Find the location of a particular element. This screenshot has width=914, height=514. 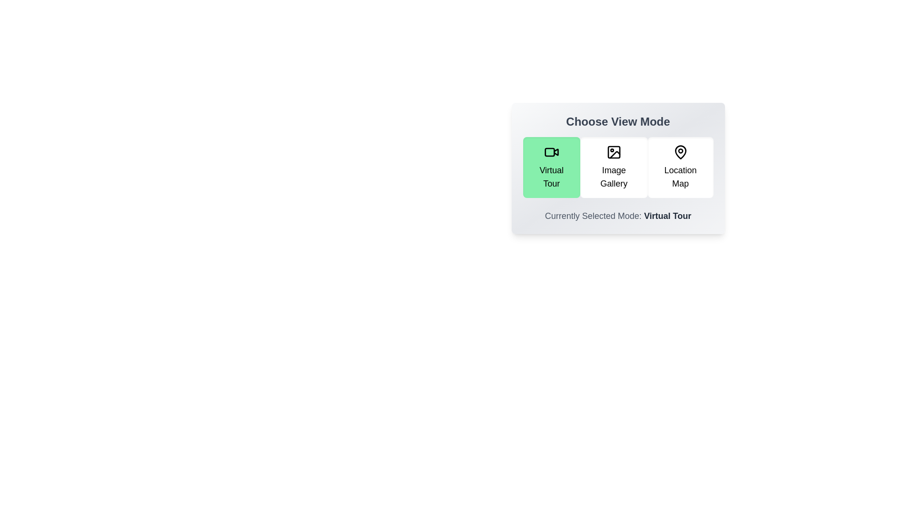

the button labeled Location Map is located at coordinates (680, 167).